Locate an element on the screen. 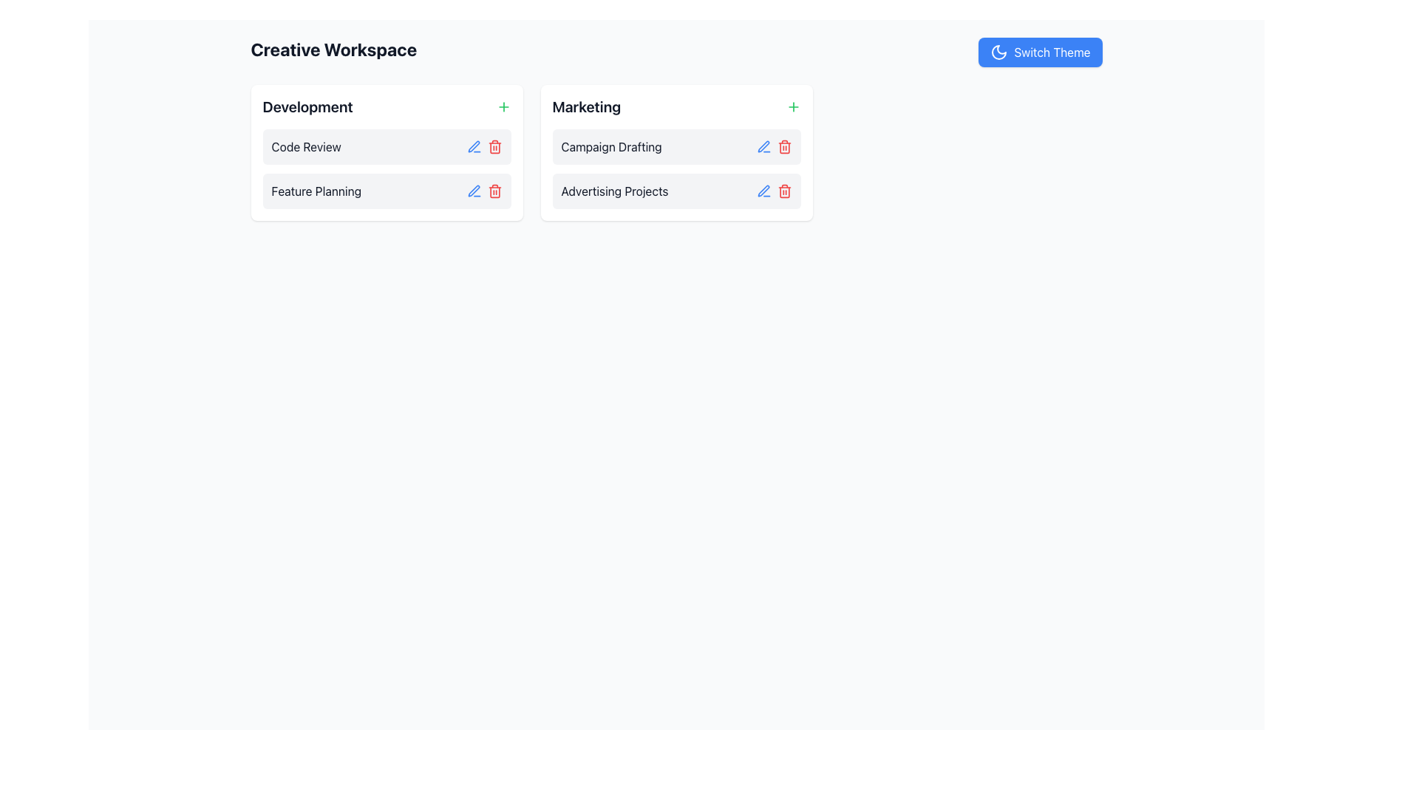  the 'Code Review' text label located in the 'Development' section of the interface, which is styled in a dark font and is the first item in the vertical list is located at coordinates (305, 147).